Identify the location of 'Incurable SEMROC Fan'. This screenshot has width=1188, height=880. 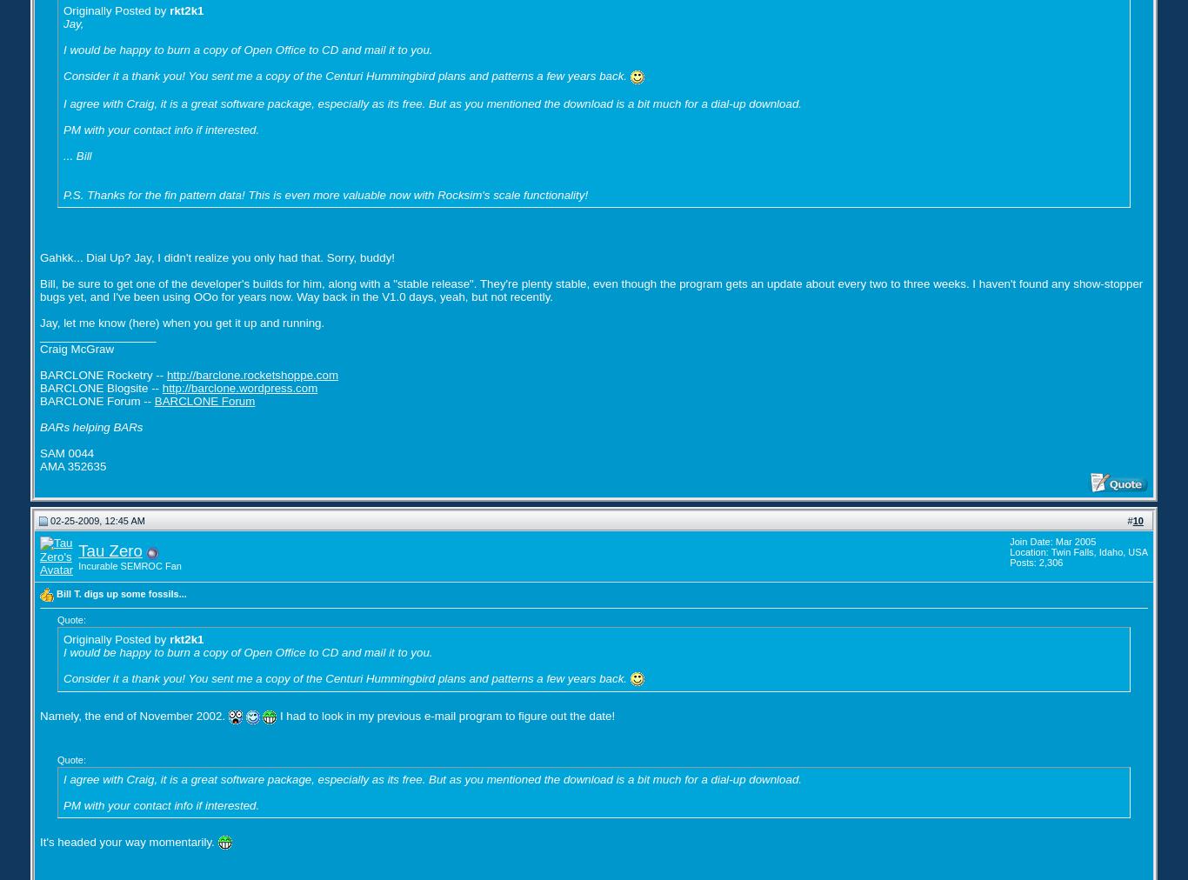
(129, 566).